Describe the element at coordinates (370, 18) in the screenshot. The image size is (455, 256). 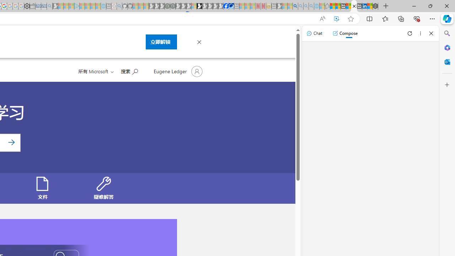
I see `'Split screen'` at that location.